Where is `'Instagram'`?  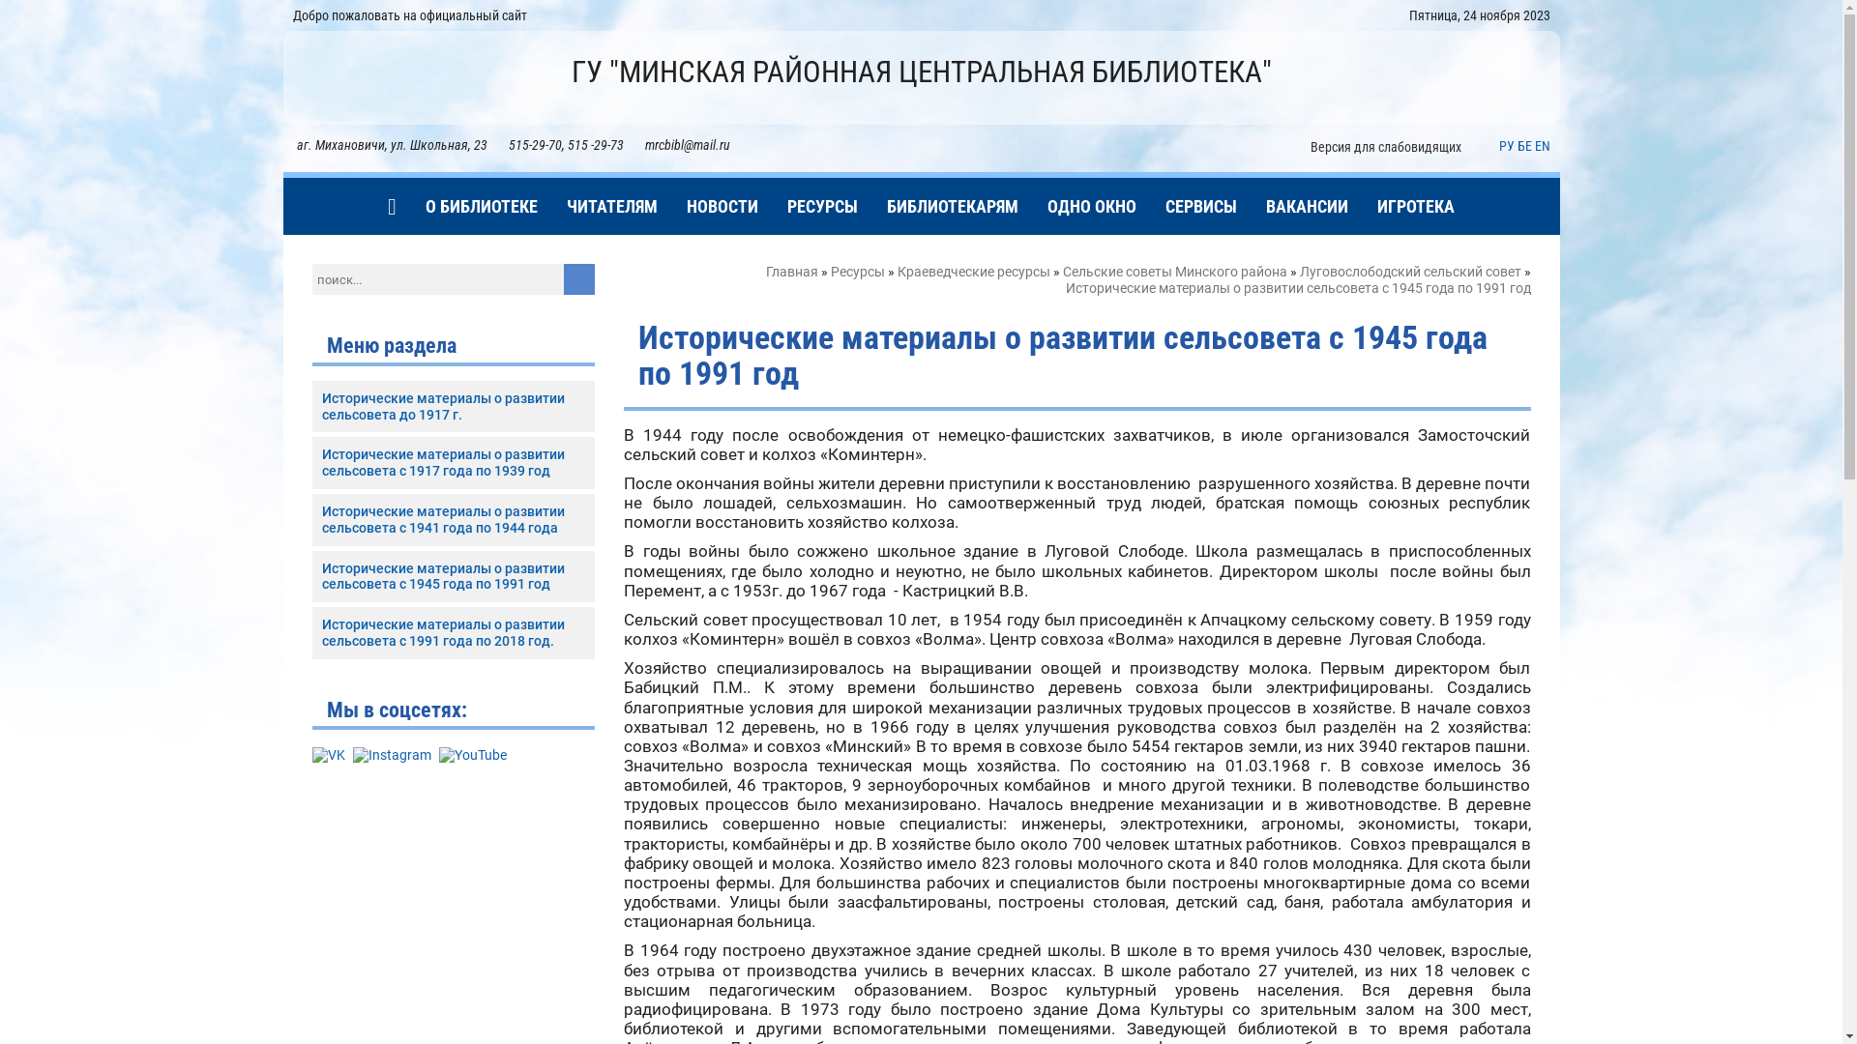 'Instagram' is located at coordinates (390, 754).